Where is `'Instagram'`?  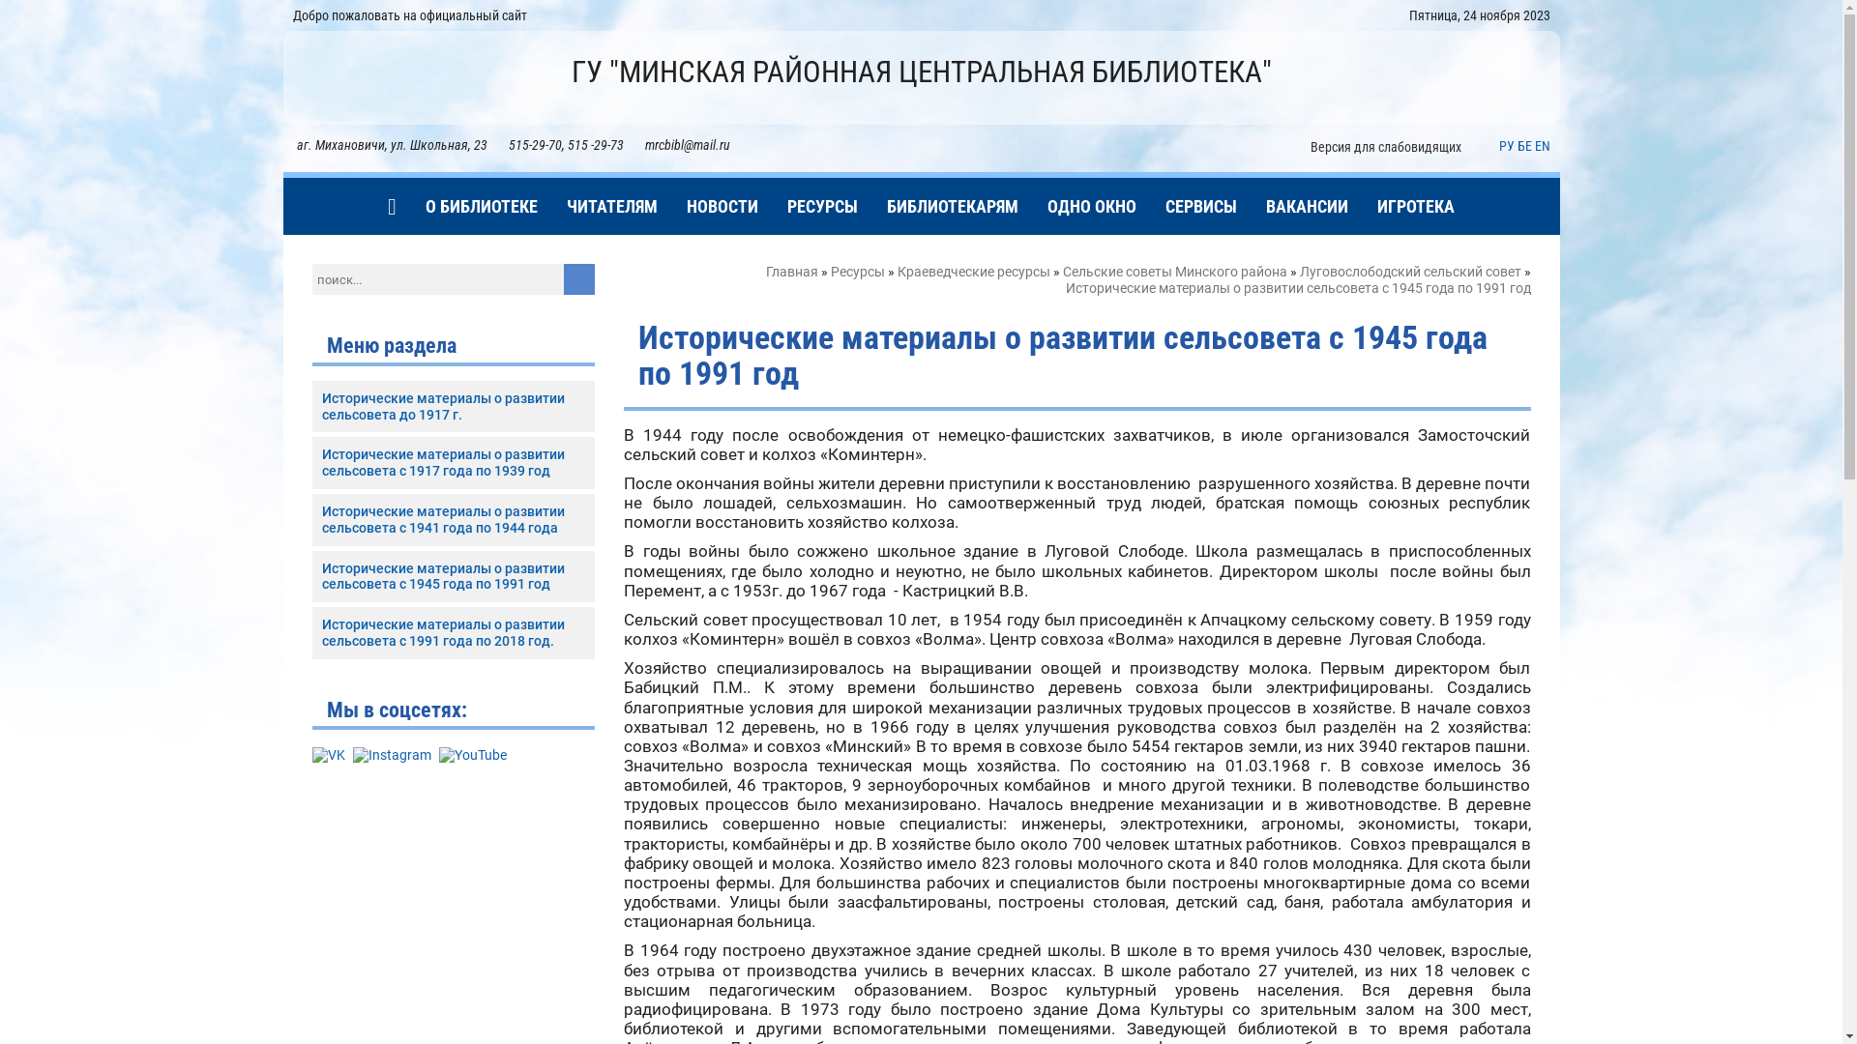 'Instagram' is located at coordinates (390, 754).